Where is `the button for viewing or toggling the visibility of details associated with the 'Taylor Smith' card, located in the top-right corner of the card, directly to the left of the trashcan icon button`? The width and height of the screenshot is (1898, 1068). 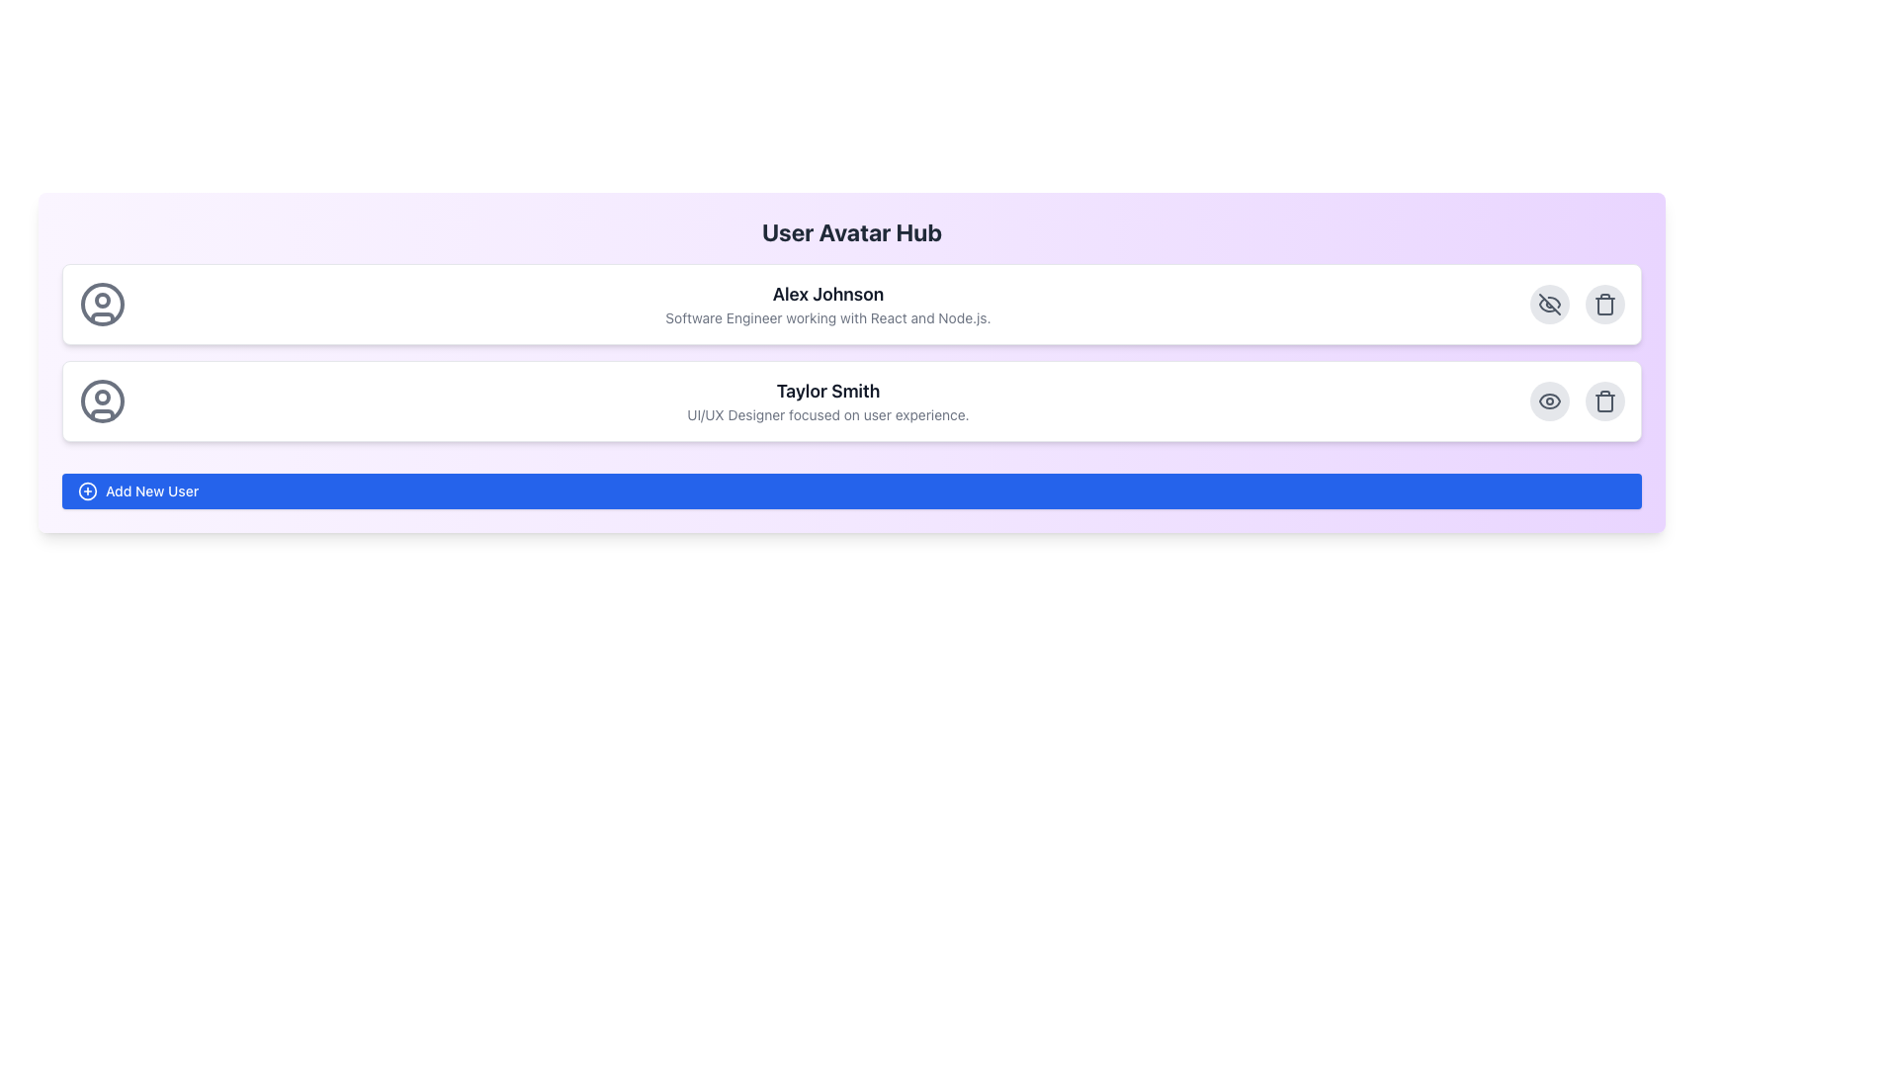
the button for viewing or toggling the visibility of details associated with the 'Taylor Smith' card, located in the top-right corner of the card, directly to the left of the trashcan icon button is located at coordinates (1549, 400).